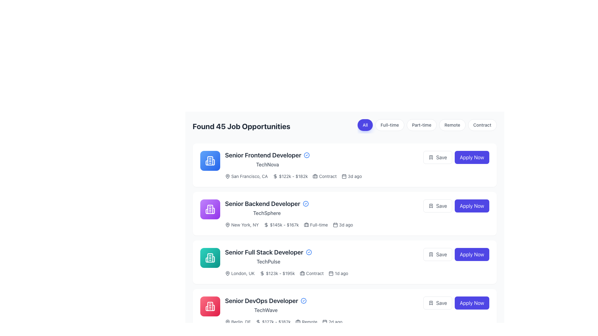 The image size is (598, 336). What do you see at coordinates (427, 126) in the screenshot?
I see `the filter bar containing buttons labeled 'All', 'Full-time', 'Part-time', 'Remote', and 'Contract'` at bounding box center [427, 126].